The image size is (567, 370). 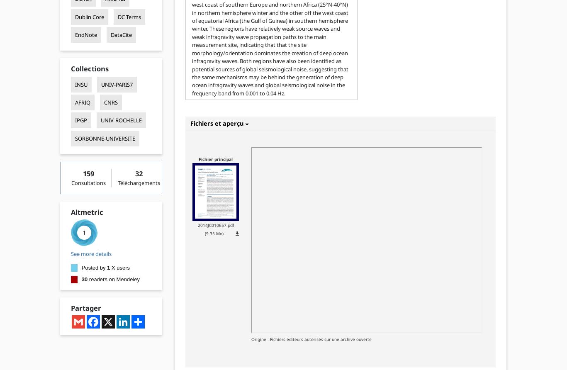 What do you see at coordinates (74, 34) in the screenshot?
I see `'EndNote'` at bounding box center [74, 34].